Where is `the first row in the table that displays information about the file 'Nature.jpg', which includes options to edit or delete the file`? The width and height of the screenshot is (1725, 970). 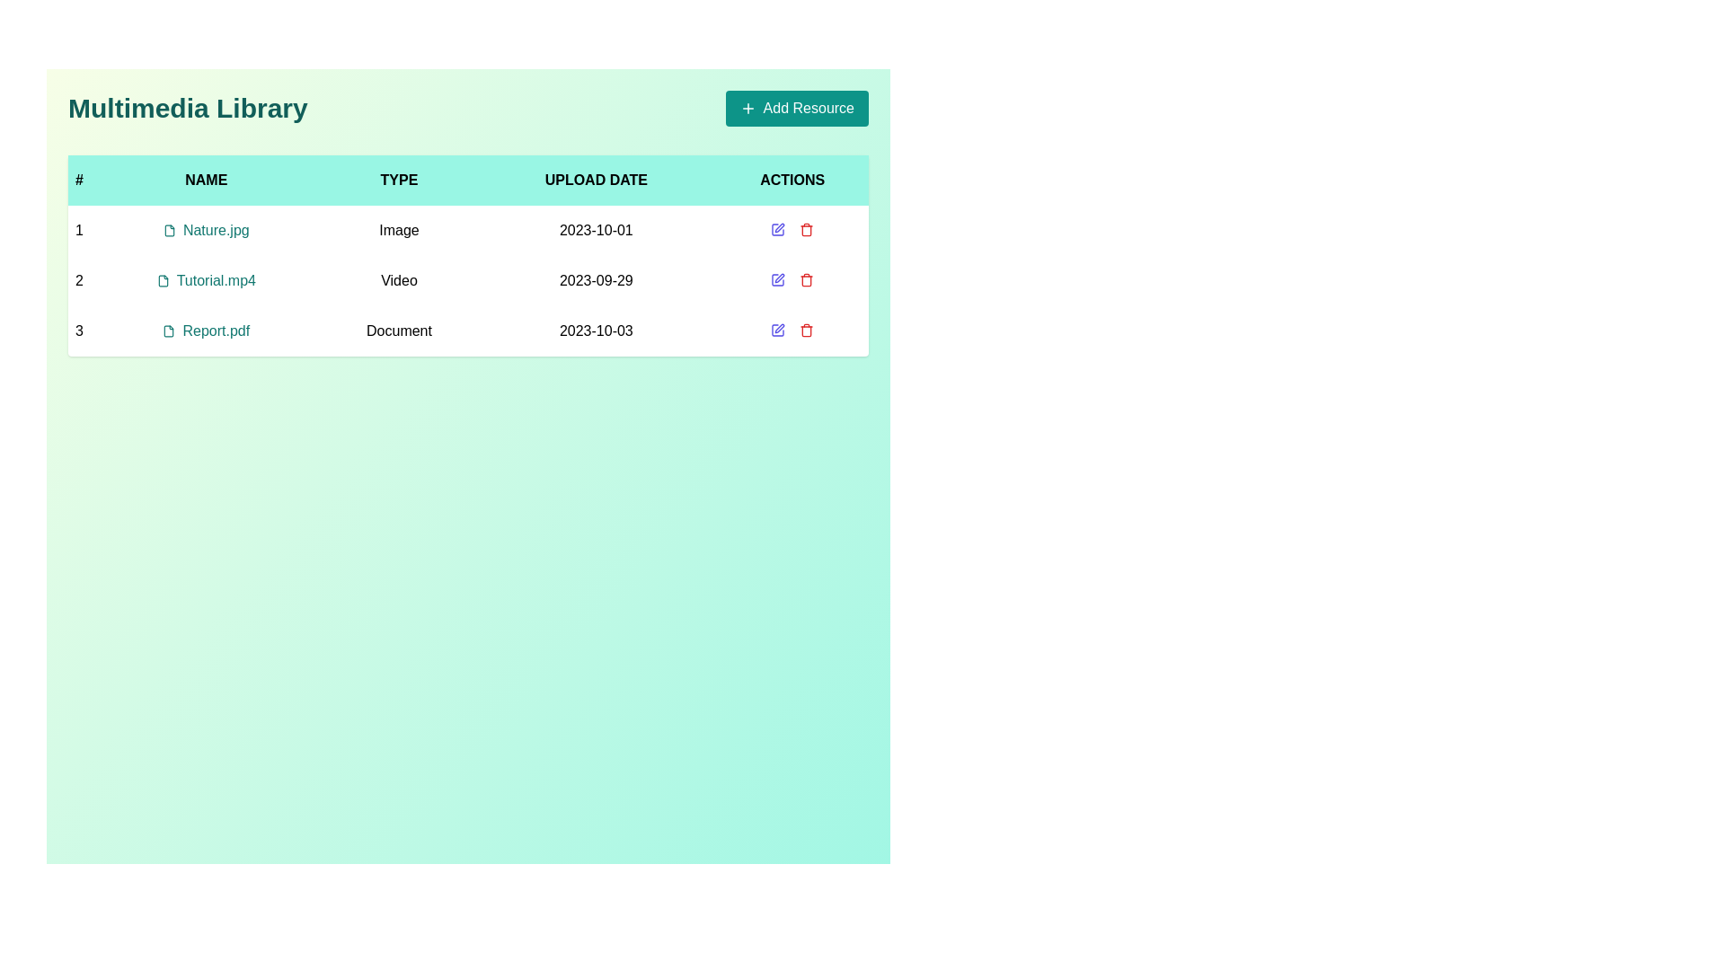 the first row in the table that displays information about the file 'Nature.jpg', which includes options to edit or delete the file is located at coordinates (468, 230).